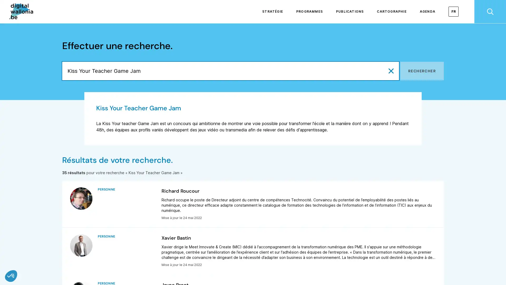  What do you see at coordinates (391, 71) in the screenshot?
I see `Reset form` at bounding box center [391, 71].